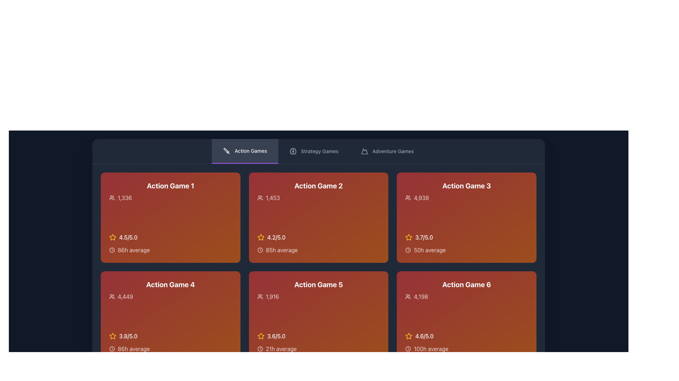 This screenshot has height=381, width=679. I want to click on the static text displaying the rating score '4.2/5.0' located in the second card of the top row, to the right of the yellow star icon, so click(276, 237).